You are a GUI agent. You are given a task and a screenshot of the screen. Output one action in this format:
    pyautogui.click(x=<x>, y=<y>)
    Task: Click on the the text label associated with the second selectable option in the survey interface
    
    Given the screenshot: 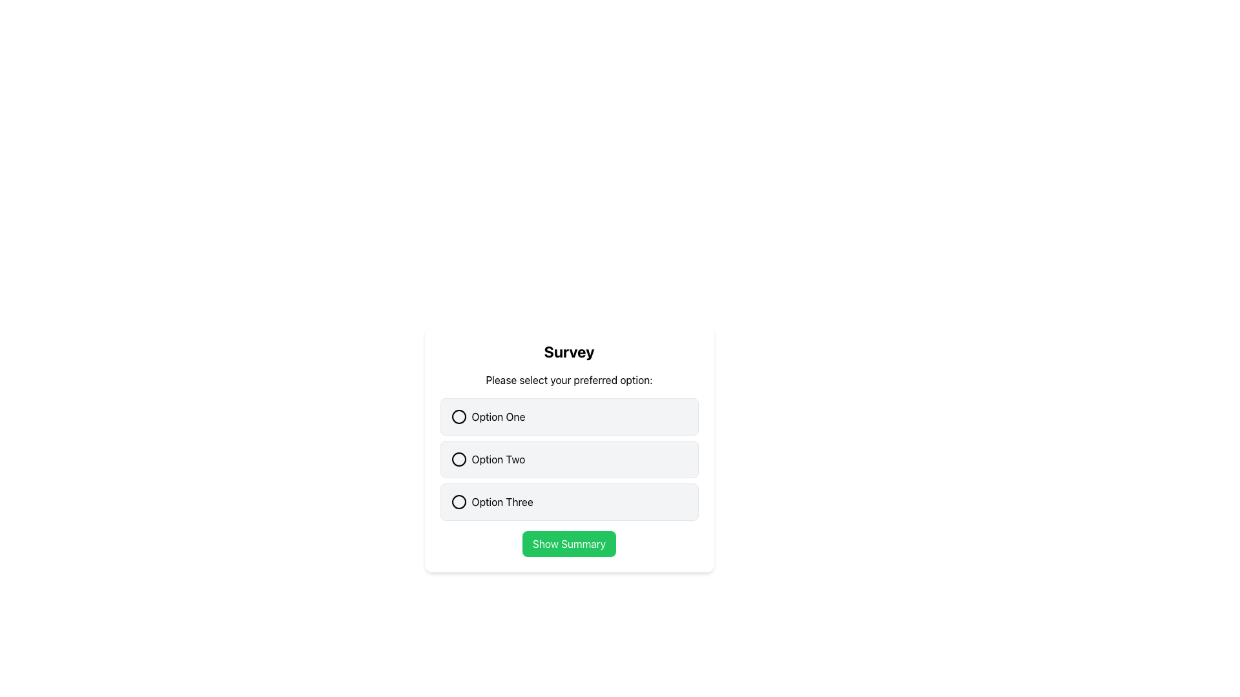 What is the action you would take?
    pyautogui.click(x=497, y=459)
    